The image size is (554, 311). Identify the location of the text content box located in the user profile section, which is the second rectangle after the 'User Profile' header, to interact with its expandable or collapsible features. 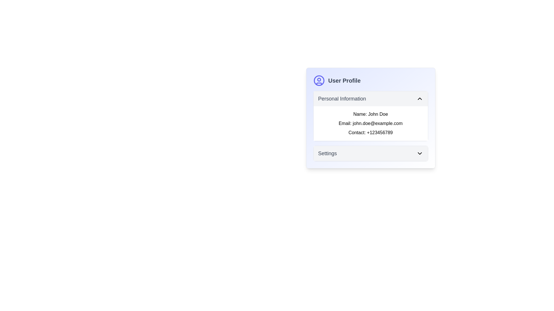
(370, 116).